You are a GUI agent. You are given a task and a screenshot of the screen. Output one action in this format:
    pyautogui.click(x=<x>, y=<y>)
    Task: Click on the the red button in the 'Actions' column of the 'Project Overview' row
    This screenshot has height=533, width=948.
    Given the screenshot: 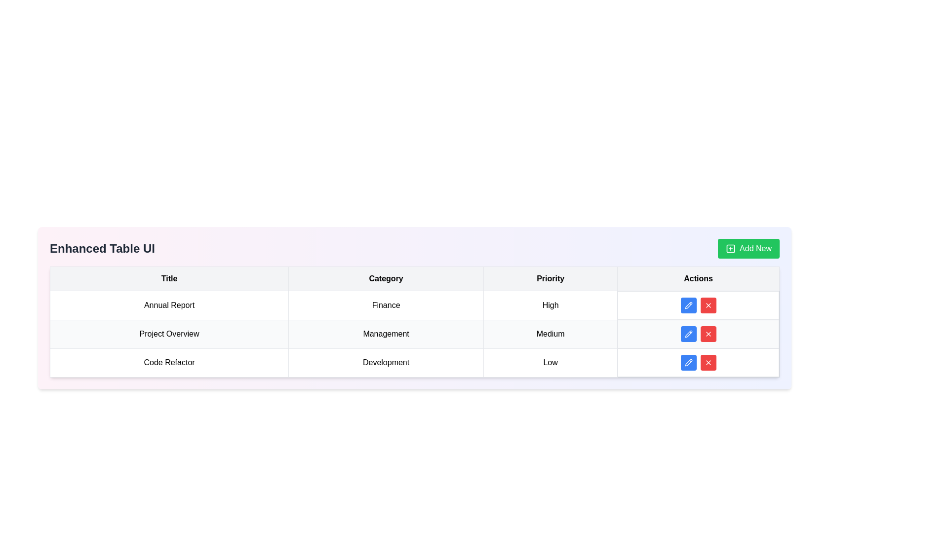 What is the action you would take?
    pyautogui.click(x=698, y=334)
    